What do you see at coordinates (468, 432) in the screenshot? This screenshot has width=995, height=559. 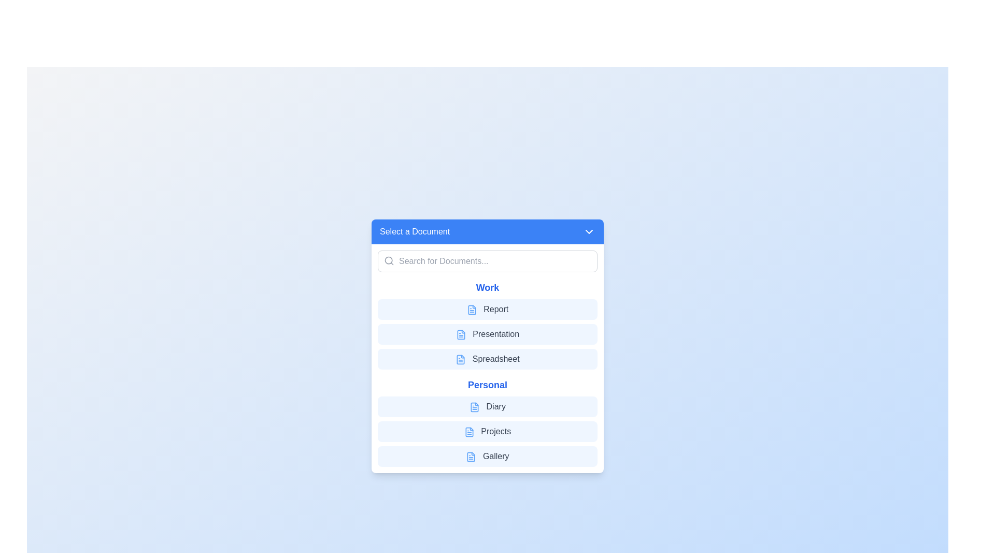 I see `the document icon in the 'Personal' section of the dropdown menu, which is styled in blue and white and precedes the 'Projects' text` at bounding box center [468, 432].